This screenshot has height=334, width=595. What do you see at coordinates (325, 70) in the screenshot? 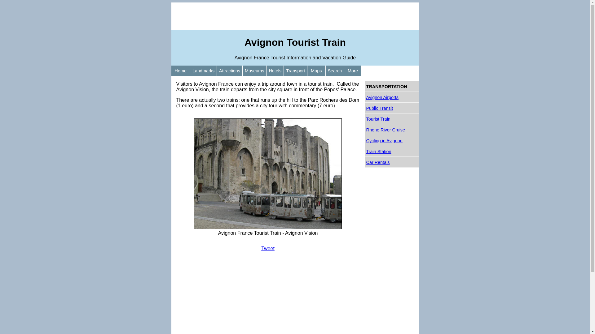
I see `'Search'` at bounding box center [325, 70].